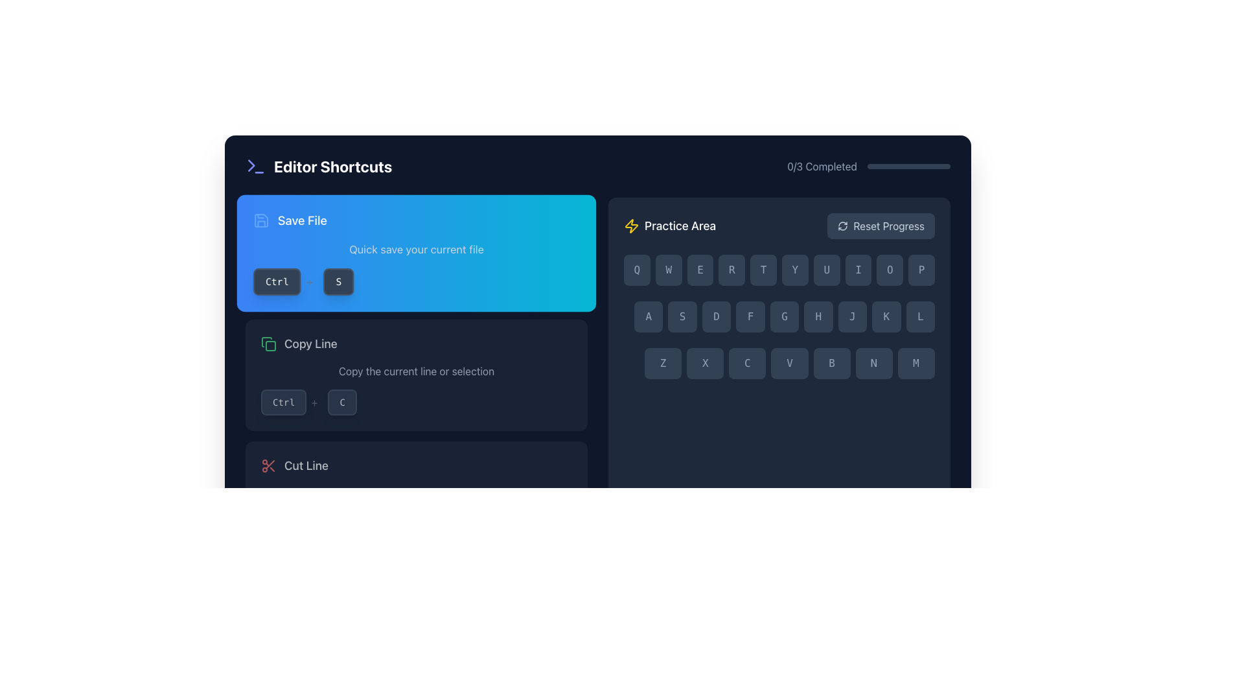  I want to click on the 'Save File' label with a floppy disk icon, which is styled with a white font on a gradient blue background, located in the upper-left section of the interface, so click(289, 220).